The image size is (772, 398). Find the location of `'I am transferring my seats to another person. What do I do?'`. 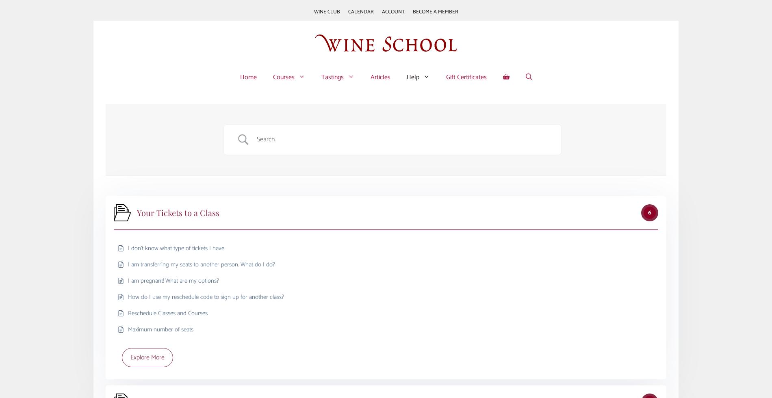

'I am transferring my seats to another person. What do I do?' is located at coordinates (202, 264).